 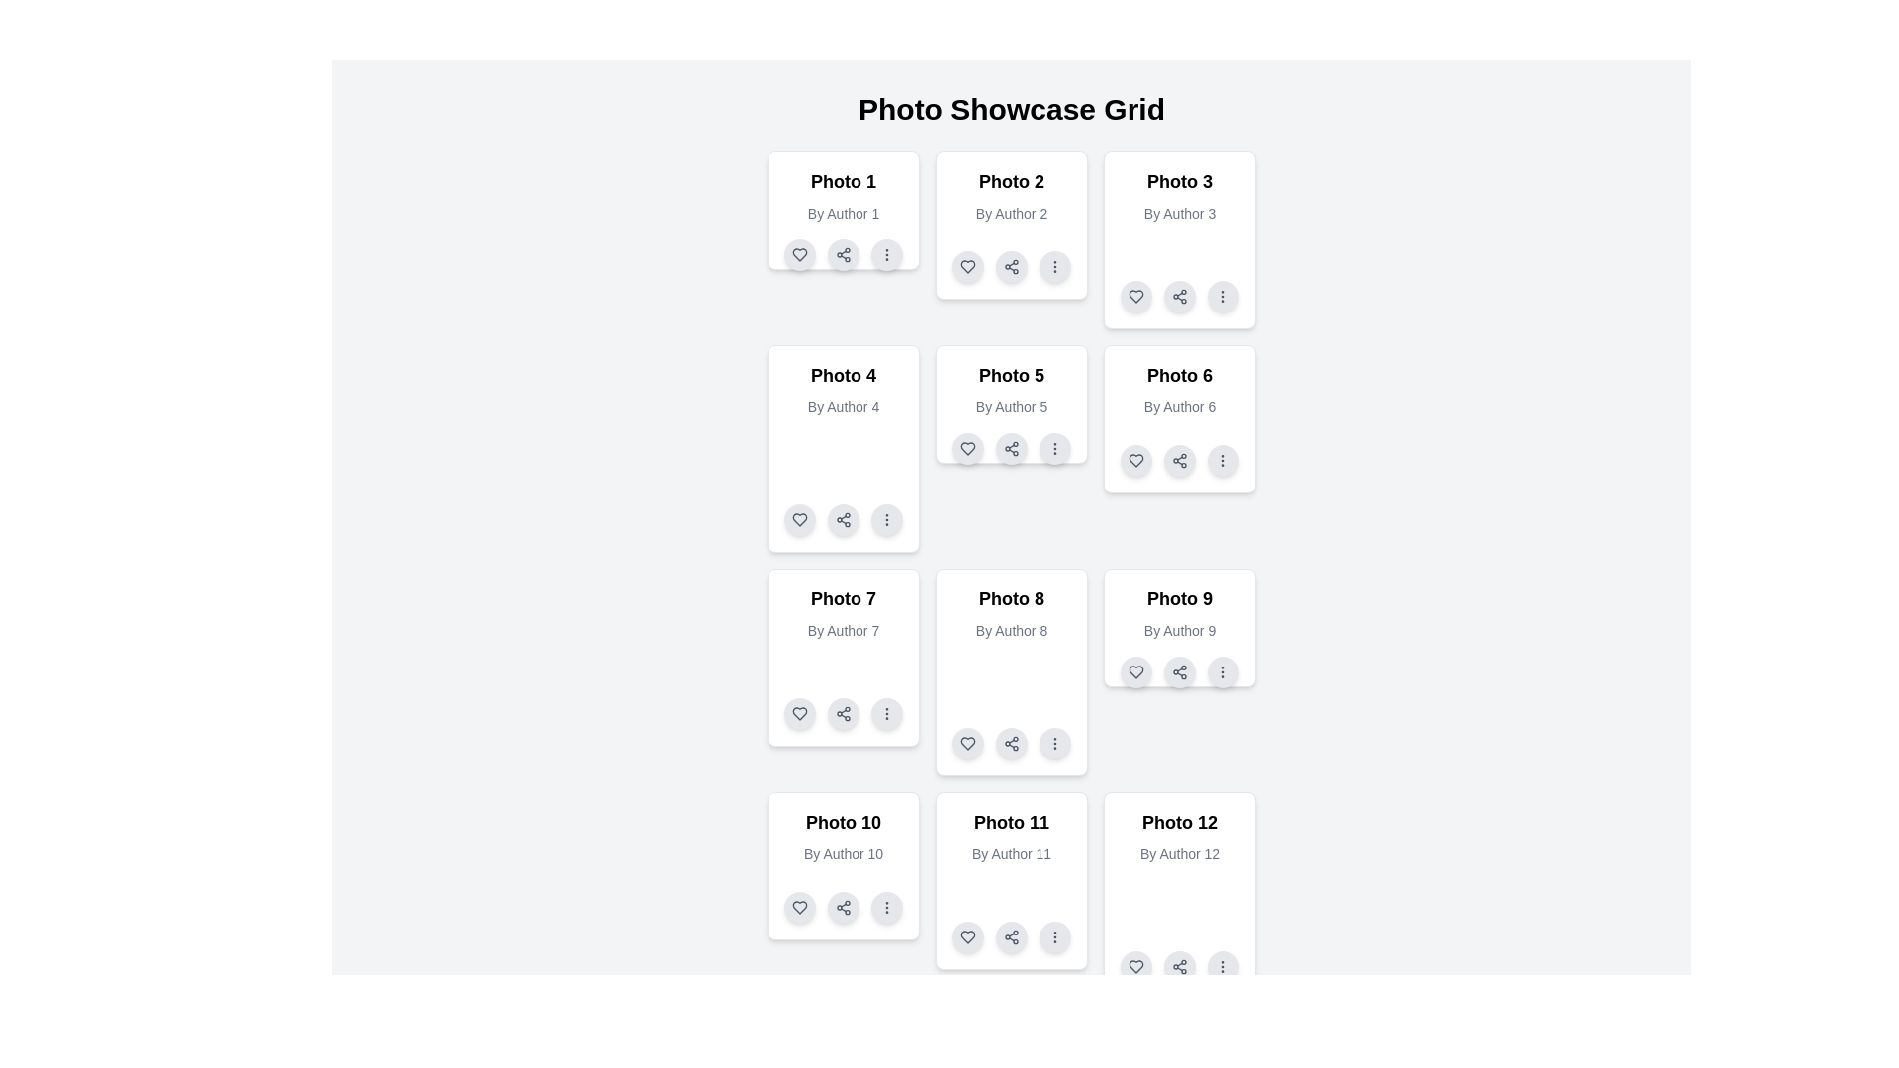 What do you see at coordinates (1180, 461) in the screenshot?
I see `the share functionality button icon, which is represented by three interconnected circles arranged in a triangle, located in the bottom section of the card for 'Photo 6' under 'By Author 6'` at bounding box center [1180, 461].